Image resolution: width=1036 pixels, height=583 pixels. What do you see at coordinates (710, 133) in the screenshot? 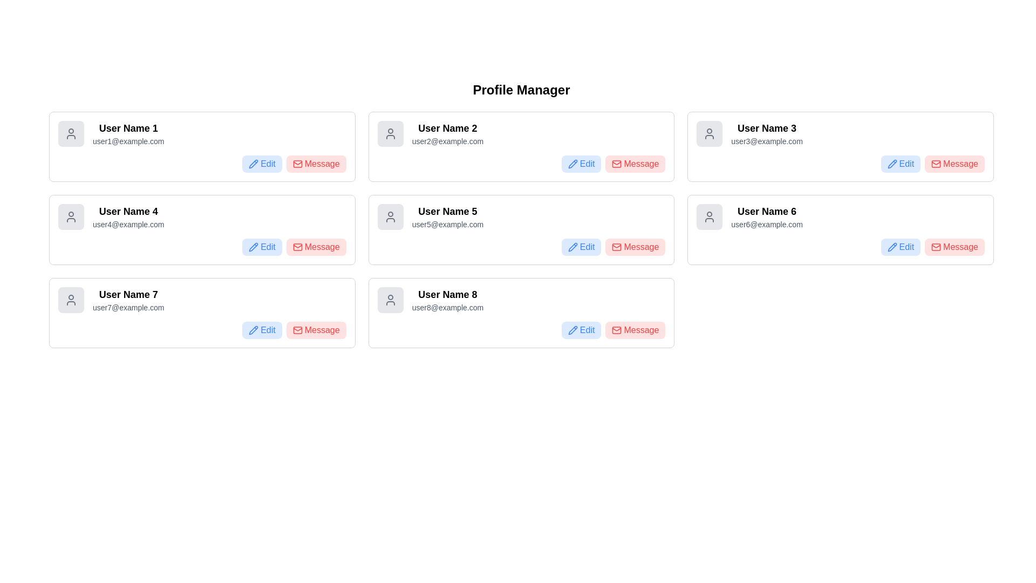
I see `the user profile icon in the top-right corner of the interface, which is part of the 'User Name 3' profile card` at bounding box center [710, 133].